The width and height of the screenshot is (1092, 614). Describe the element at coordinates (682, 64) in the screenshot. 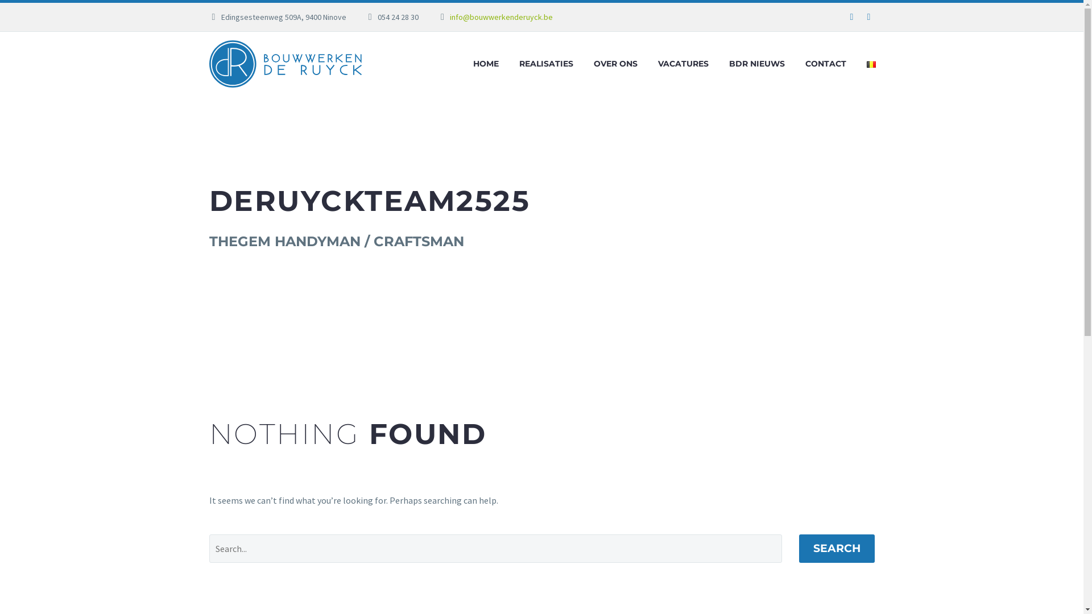

I see `'VACATURES'` at that location.